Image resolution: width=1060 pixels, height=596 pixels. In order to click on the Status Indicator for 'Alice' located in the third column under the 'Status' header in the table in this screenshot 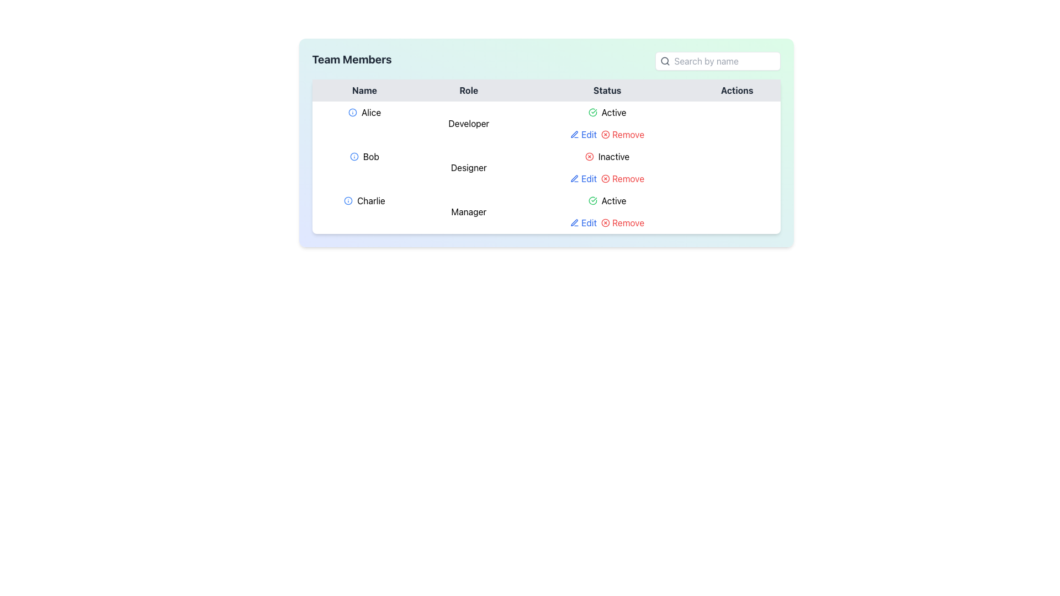, I will do `click(607, 113)`.